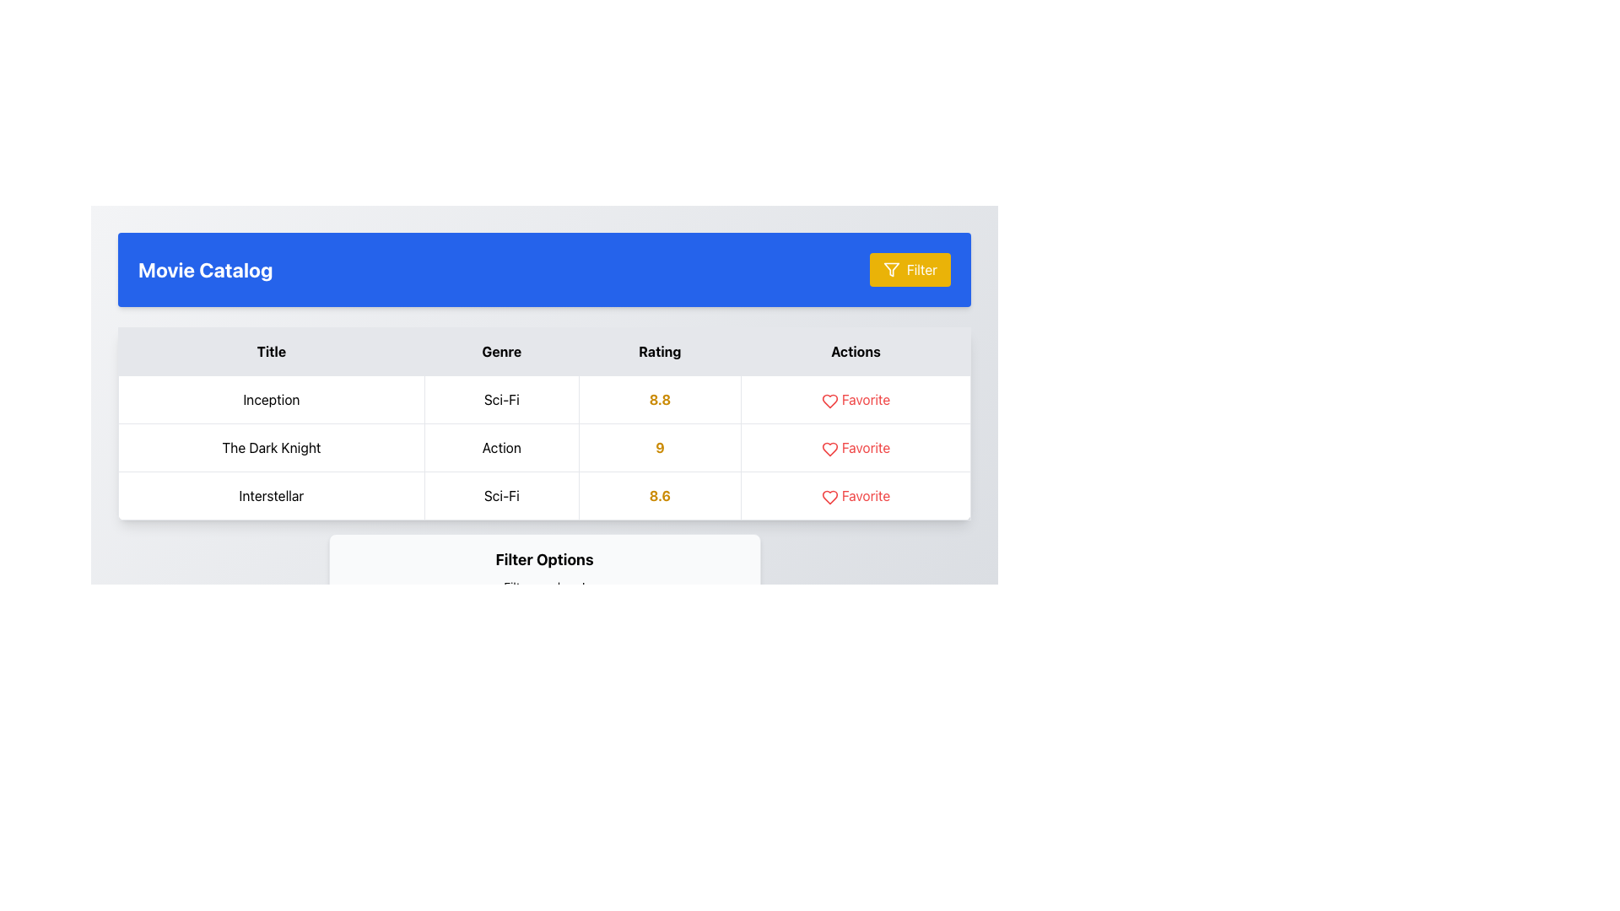  I want to click on the static text element displaying the genre 'Sci-Fi' for the movie 'Interstellar', located in the second column of the third row of the movie table, so click(500, 494).